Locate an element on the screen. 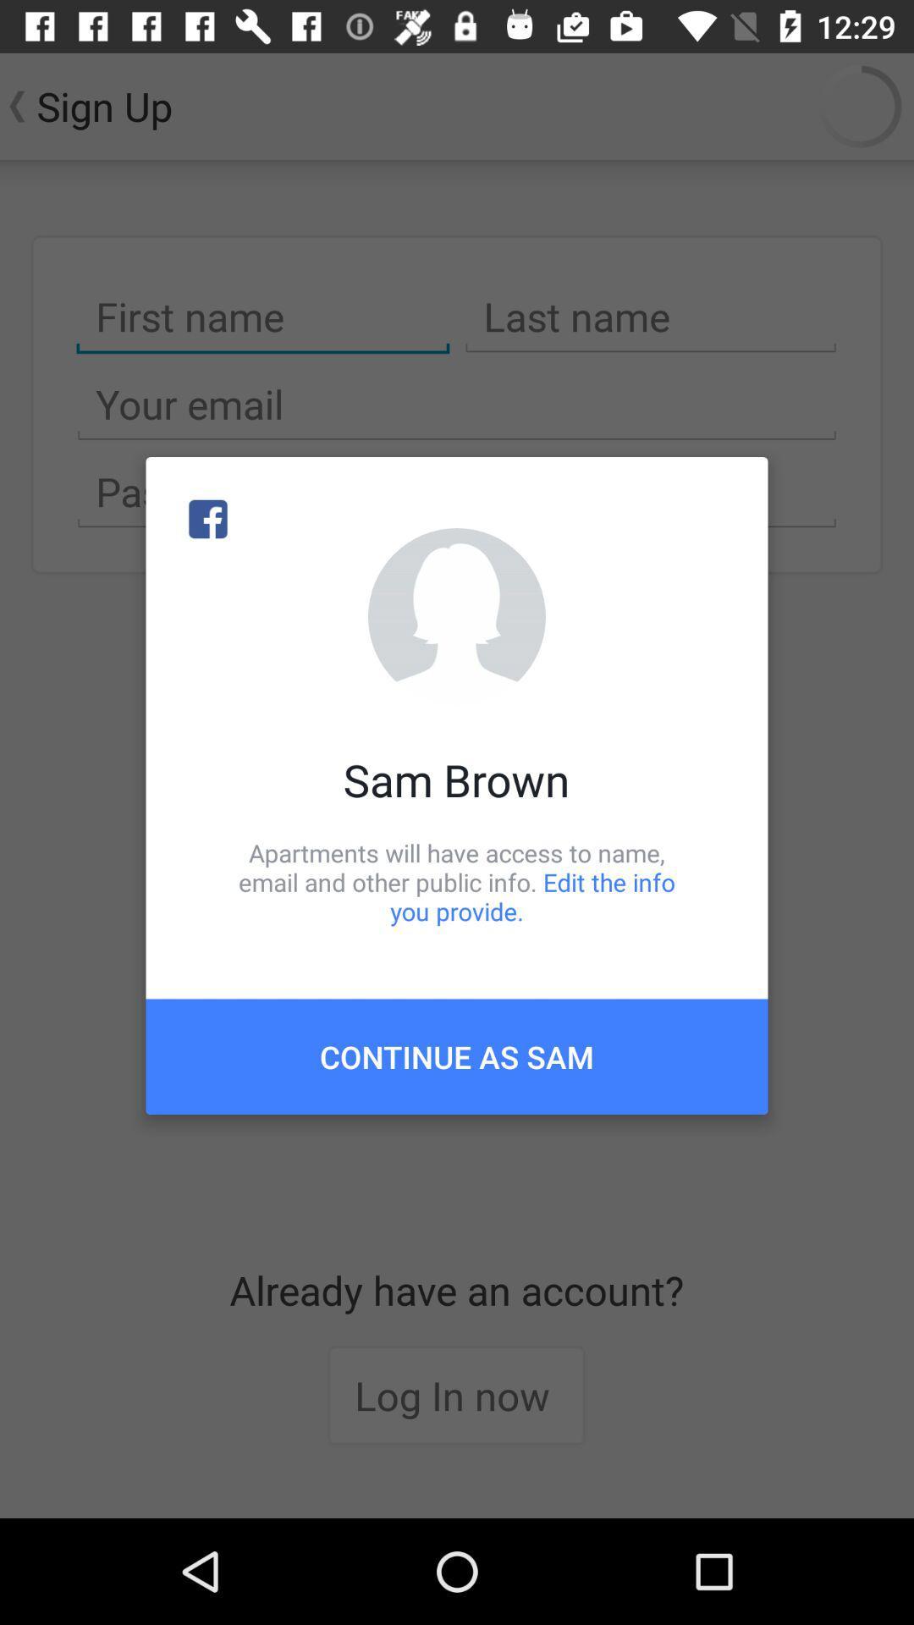 Image resolution: width=914 pixels, height=1625 pixels. the icon above the continue as sam icon is located at coordinates (457, 881).